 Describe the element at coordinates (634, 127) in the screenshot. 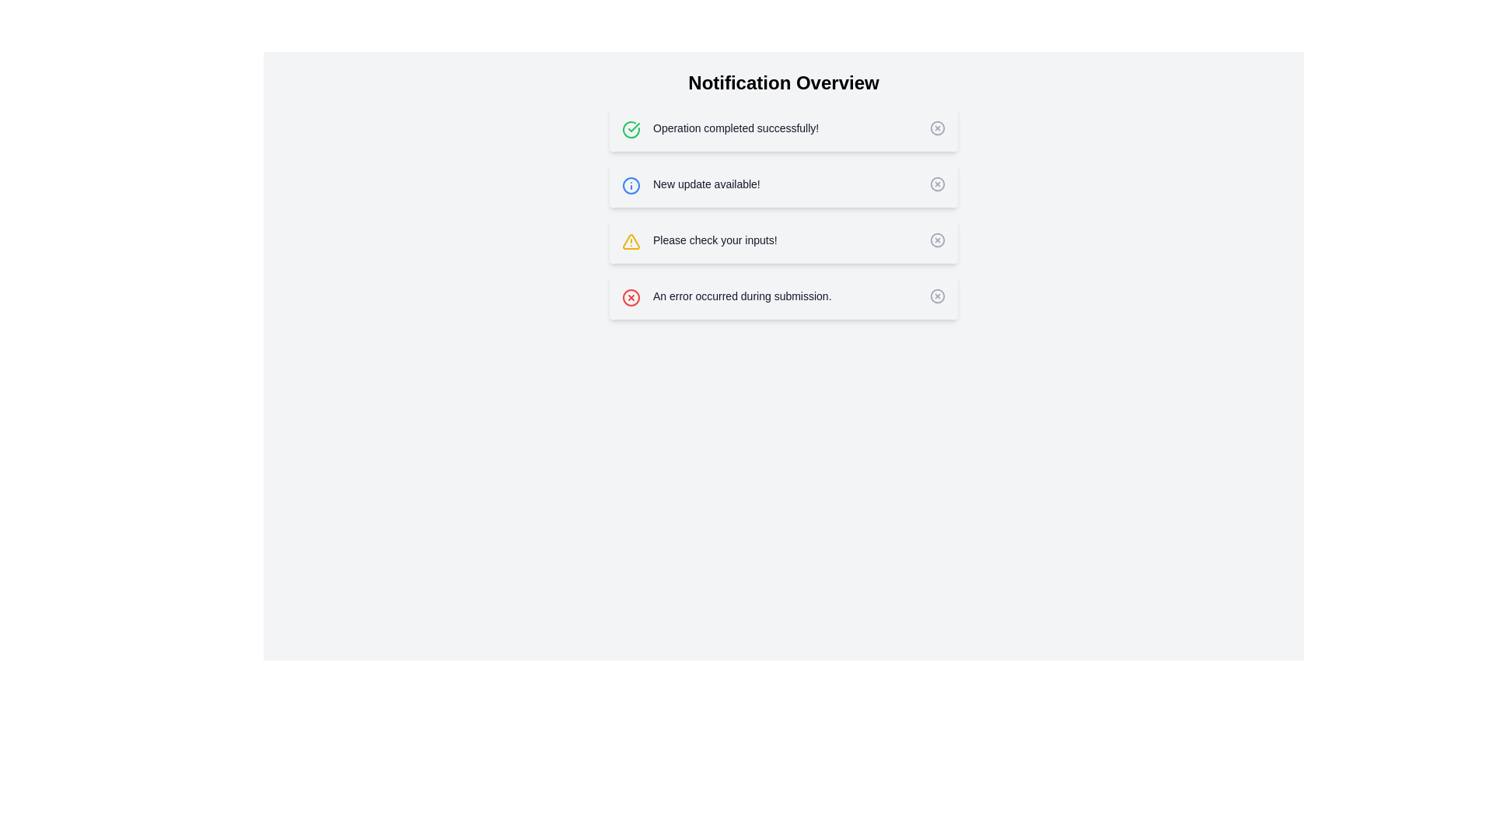

I see `the green checkmark icon inside the first notification item that indicates 'Operation completed successfully!'` at that location.